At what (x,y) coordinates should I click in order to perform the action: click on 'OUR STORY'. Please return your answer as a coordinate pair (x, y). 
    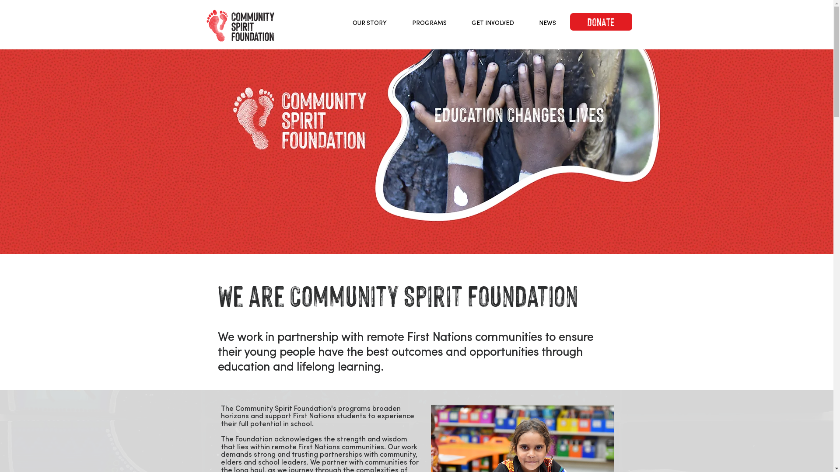
    Looking at the image, I should click on (339, 22).